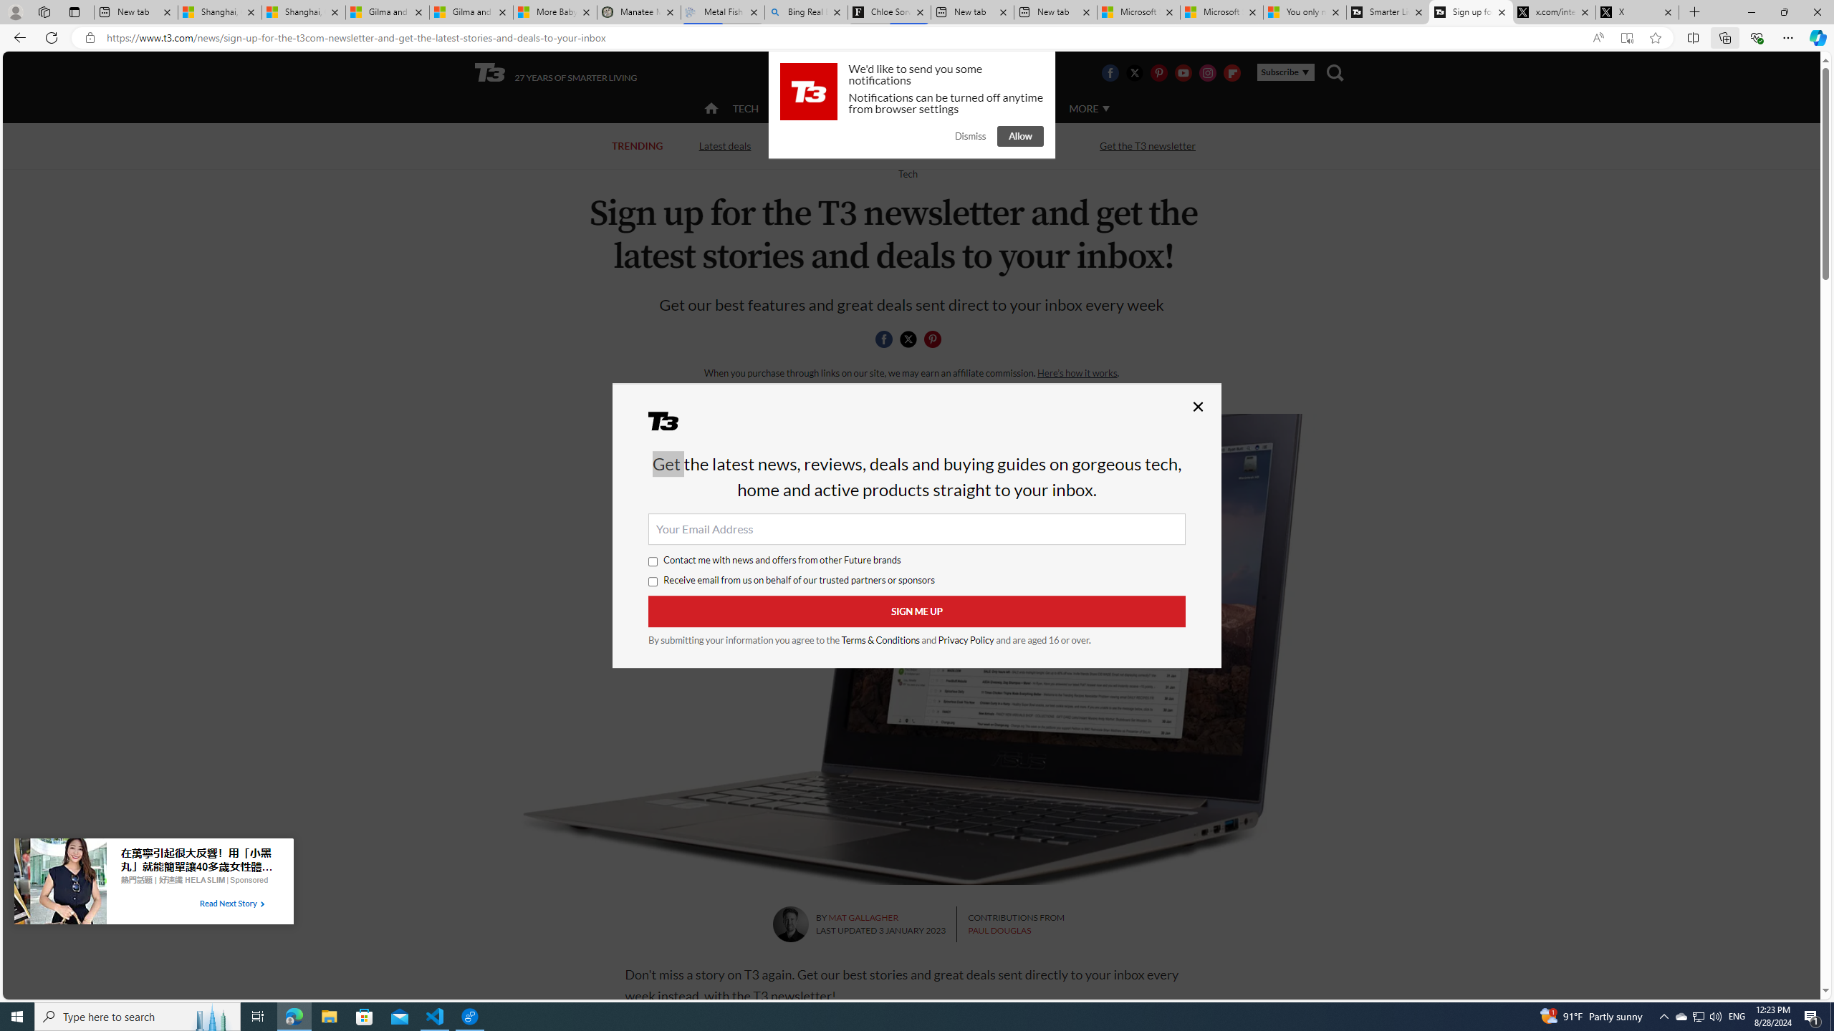 The image size is (1834, 1031). I want to click on 'Share this page on Facebook', so click(883, 339).